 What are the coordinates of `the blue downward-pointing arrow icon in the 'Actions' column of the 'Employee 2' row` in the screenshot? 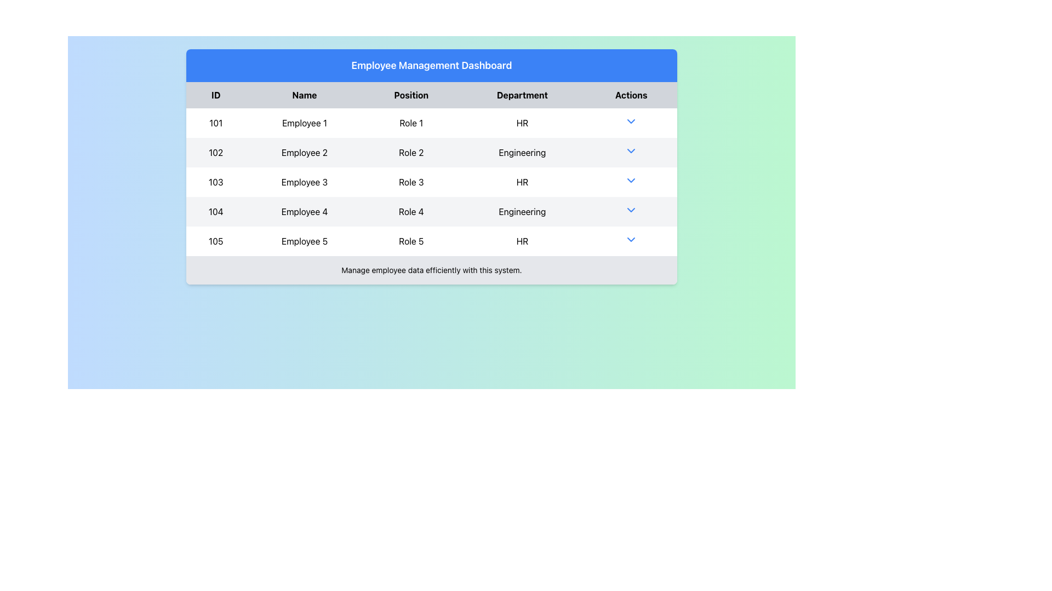 It's located at (631, 152).